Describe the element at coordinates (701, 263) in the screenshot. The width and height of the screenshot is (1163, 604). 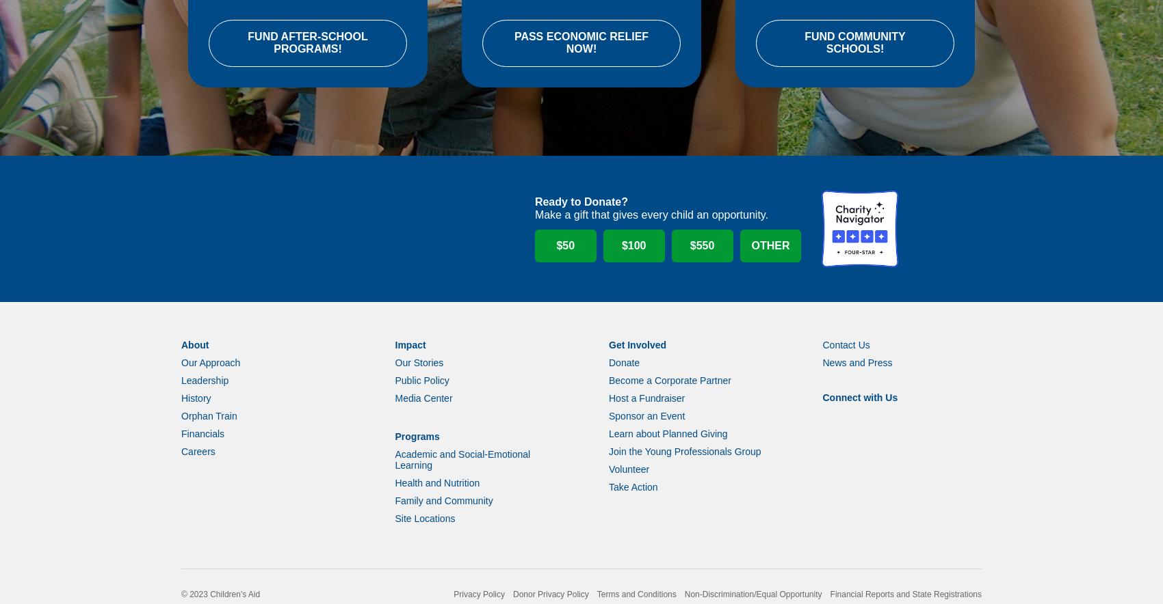
I see `'$550'` at that location.